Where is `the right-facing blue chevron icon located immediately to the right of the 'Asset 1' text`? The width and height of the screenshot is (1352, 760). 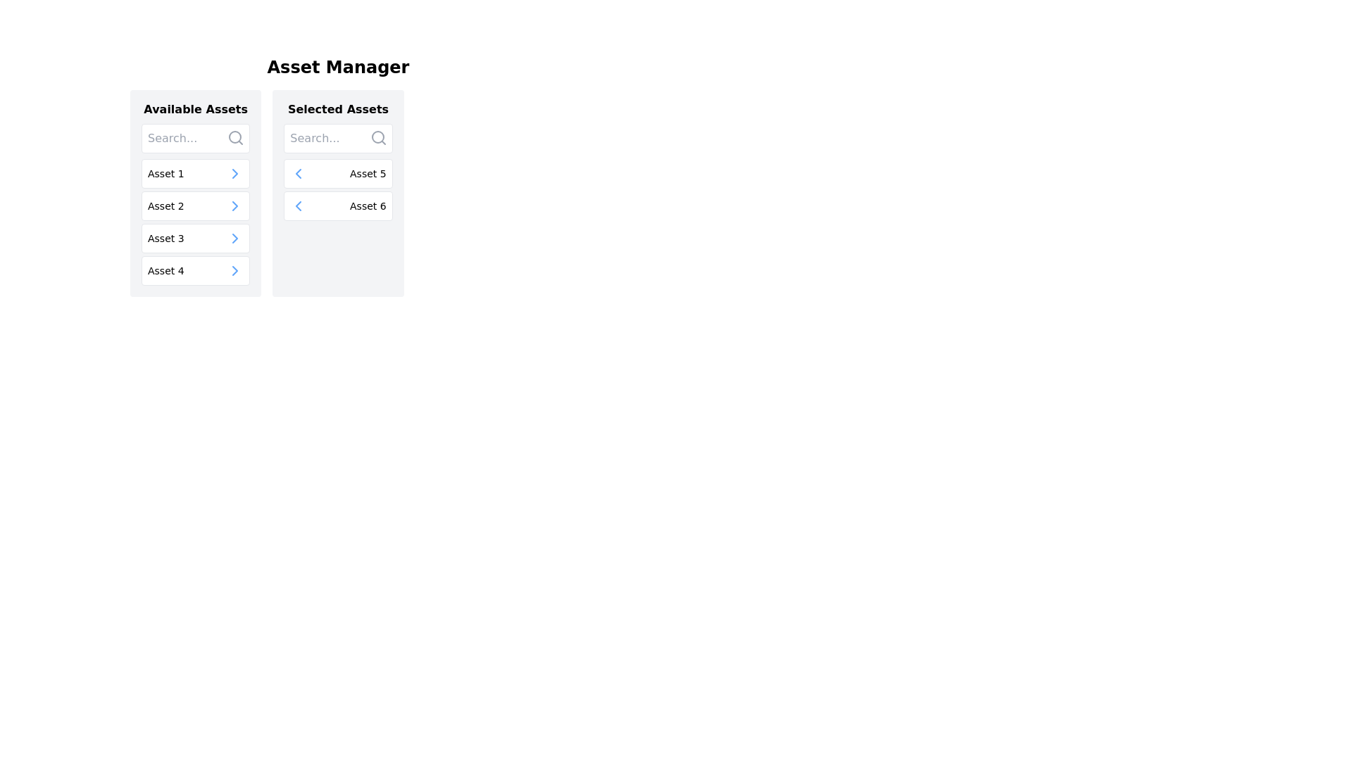 the right-facing blue chevron icon located immediately to the right of the 'Asset 1' text is located at coordinates (235, 172).